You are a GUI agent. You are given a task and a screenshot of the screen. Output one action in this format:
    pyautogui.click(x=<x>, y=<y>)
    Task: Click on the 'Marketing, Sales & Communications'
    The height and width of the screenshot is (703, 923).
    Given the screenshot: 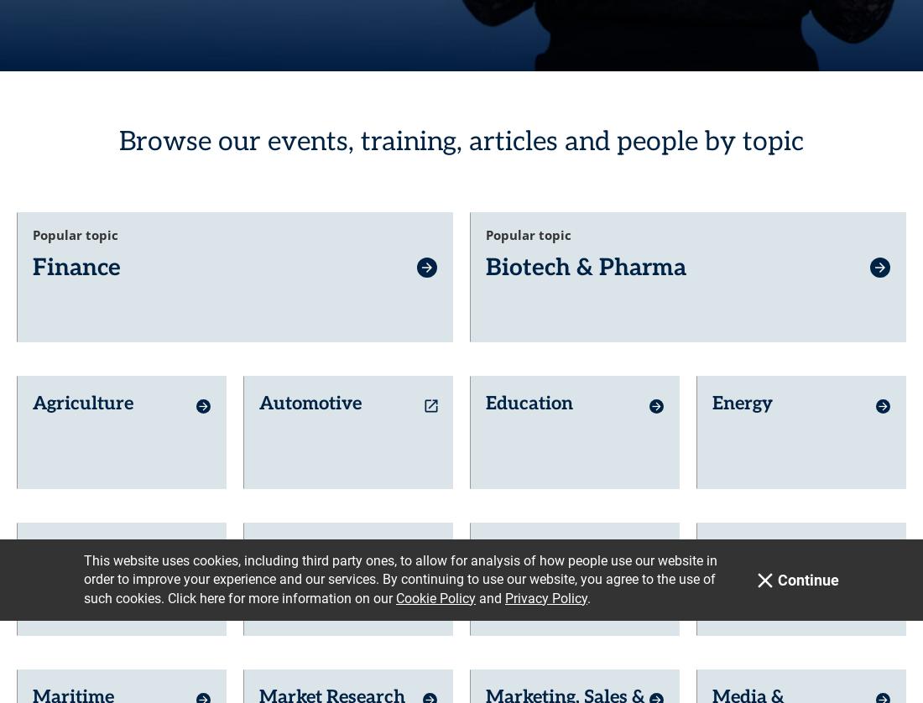 What is the action you would take?
    pyautogui.click(x=565, y=516)
    